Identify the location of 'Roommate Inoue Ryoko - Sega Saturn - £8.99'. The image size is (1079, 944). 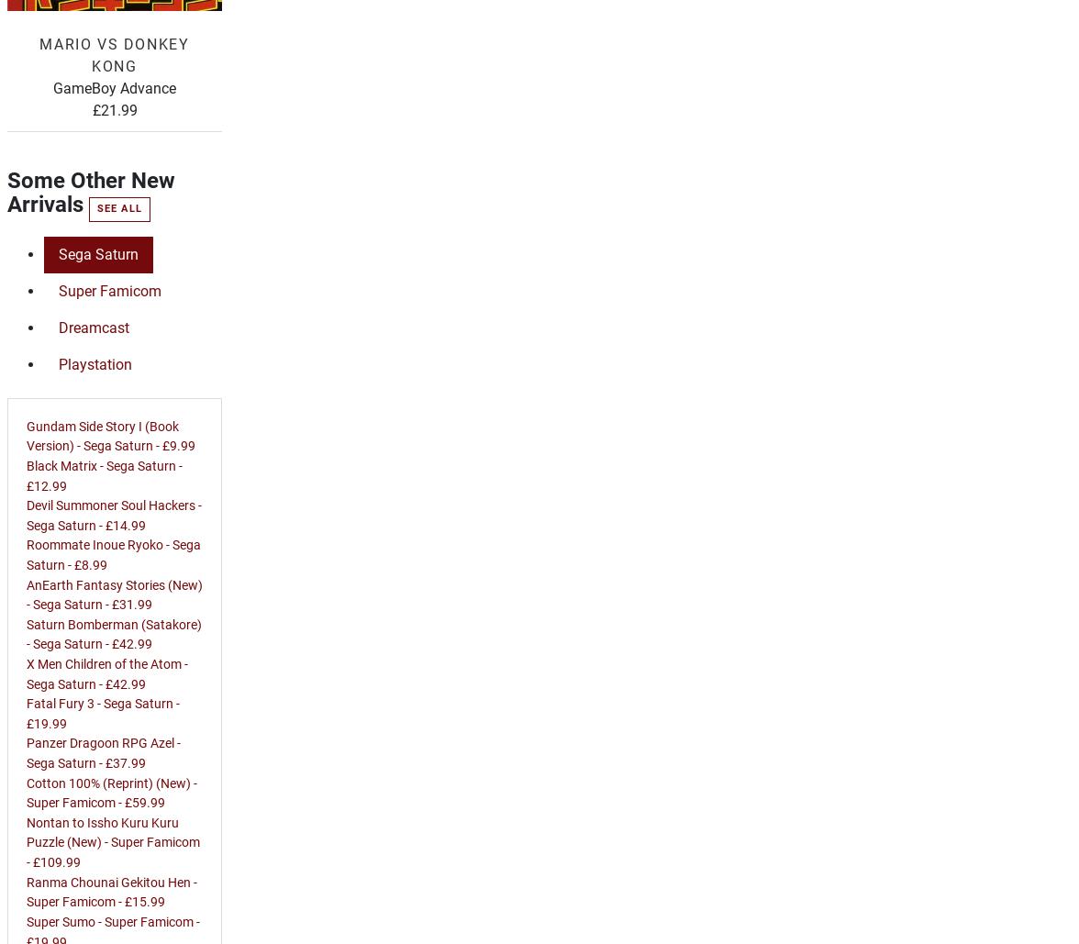
(113, 554).